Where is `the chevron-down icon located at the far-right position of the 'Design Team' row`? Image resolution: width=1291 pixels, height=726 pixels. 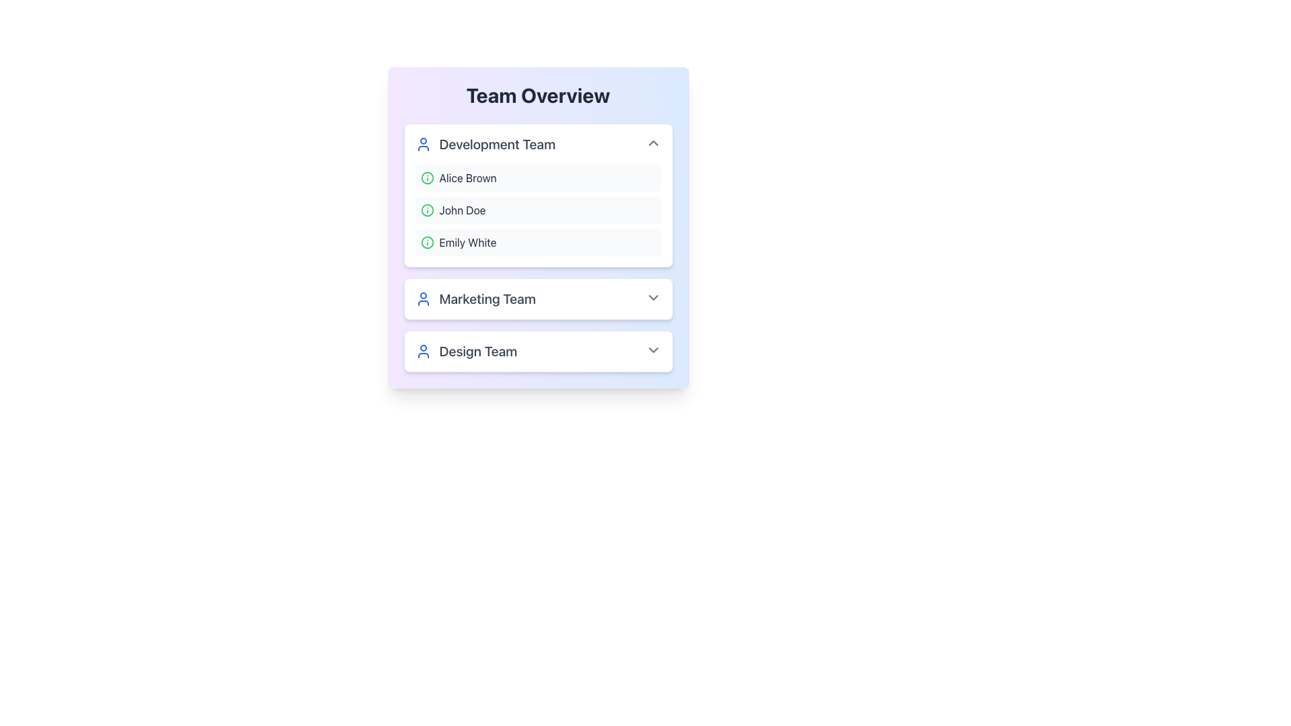
the chevron-down icon located at the far-right position of the 'Design Team' row is located at coordinates (653, 349).